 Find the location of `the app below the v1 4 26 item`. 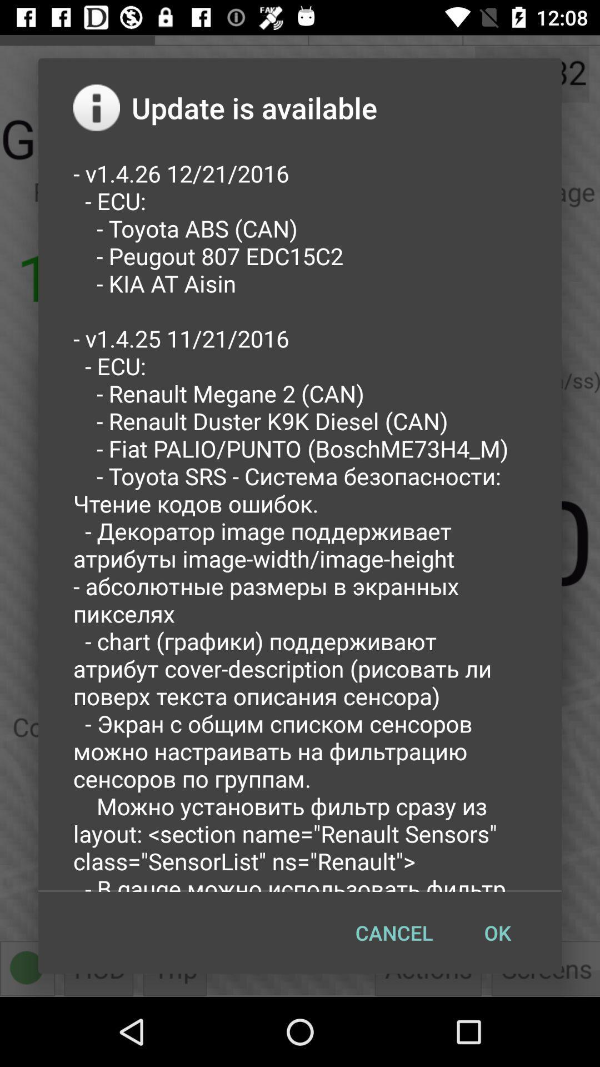

the app below the v1 4 26 item is located at coordinates (393, 933).